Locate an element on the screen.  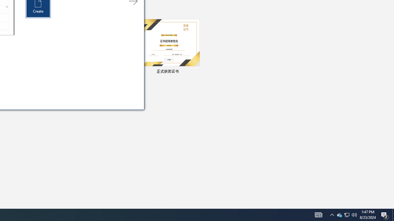
'Notification Chevron' is located at coordinates (332, 214).